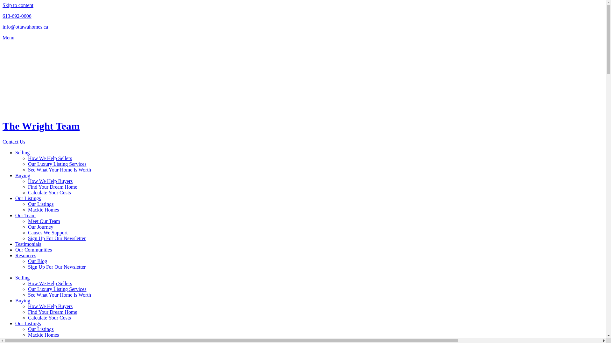 The height and width of the screenshot is (343, 611). I want to click on 'How We Help Buyers', so click(50, 306).